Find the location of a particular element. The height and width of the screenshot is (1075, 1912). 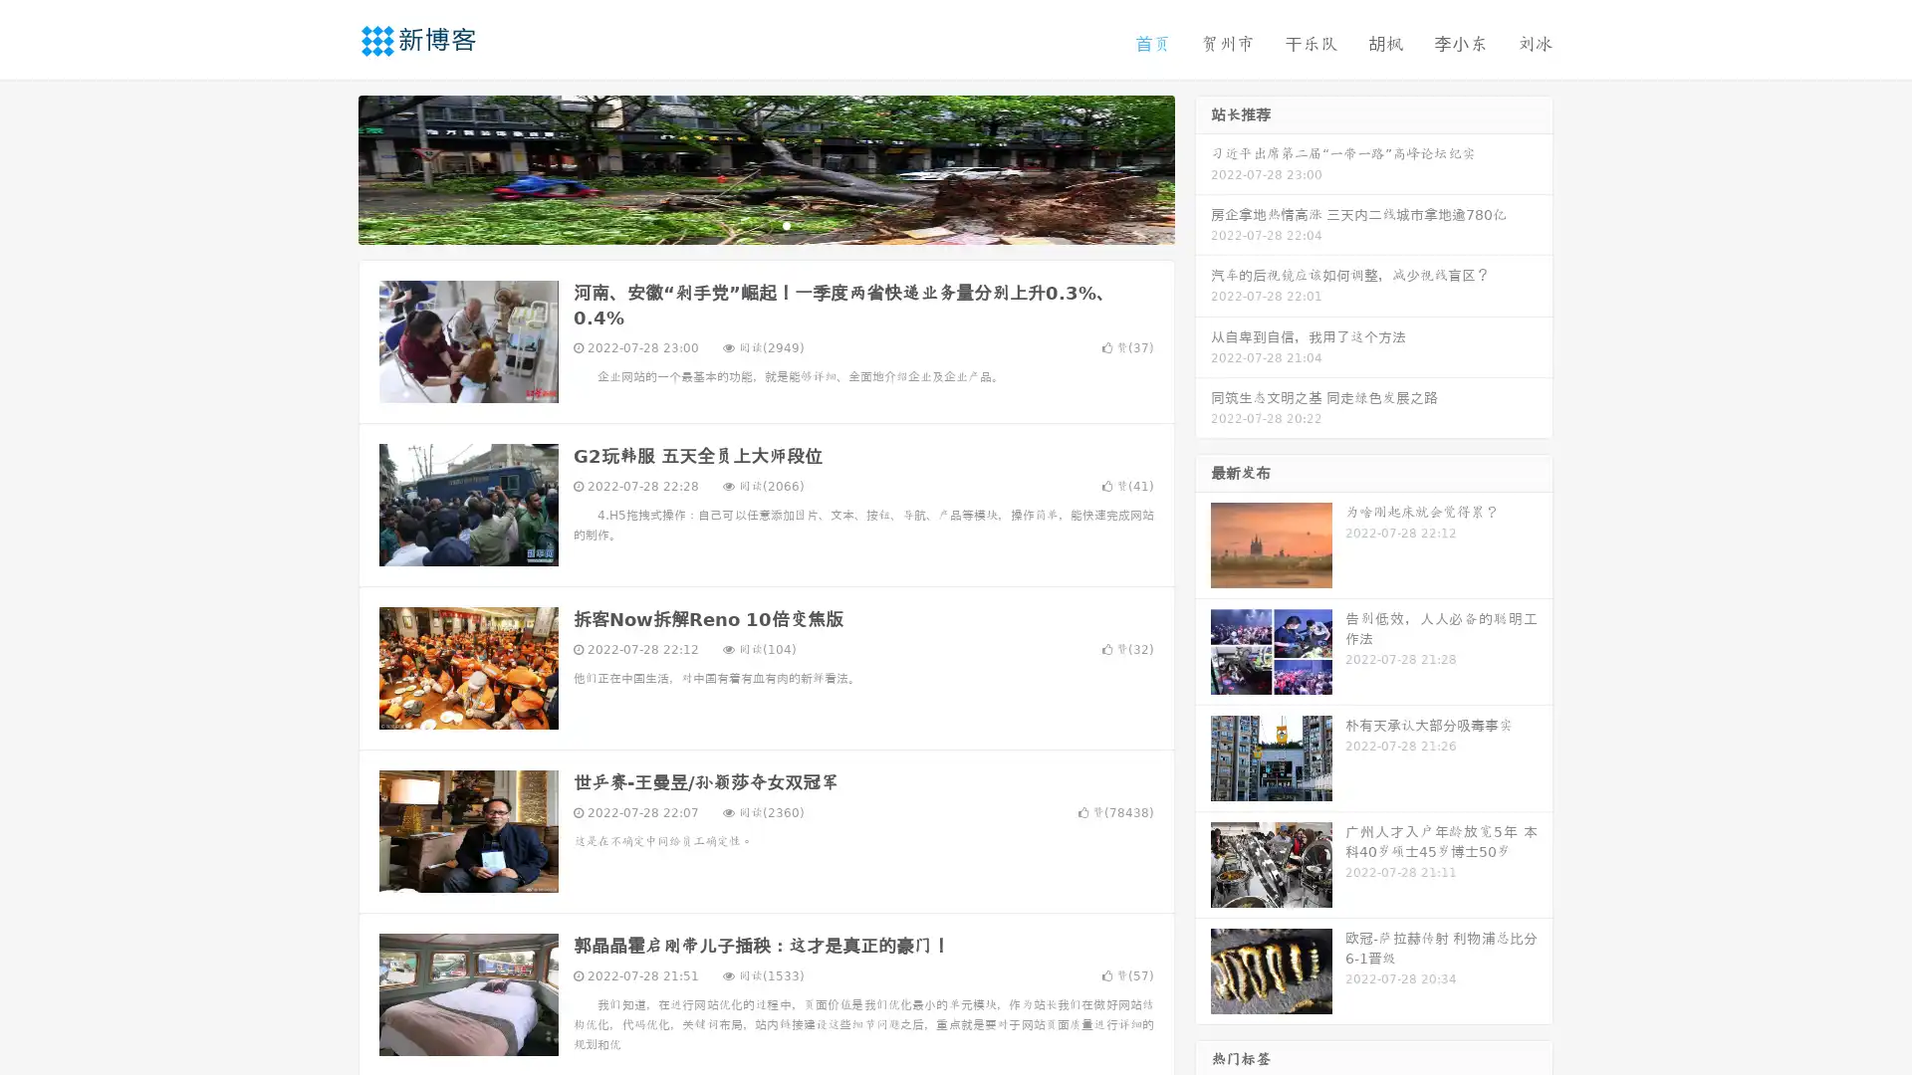

Go to slide 3 is located at coordinates (786, 224).